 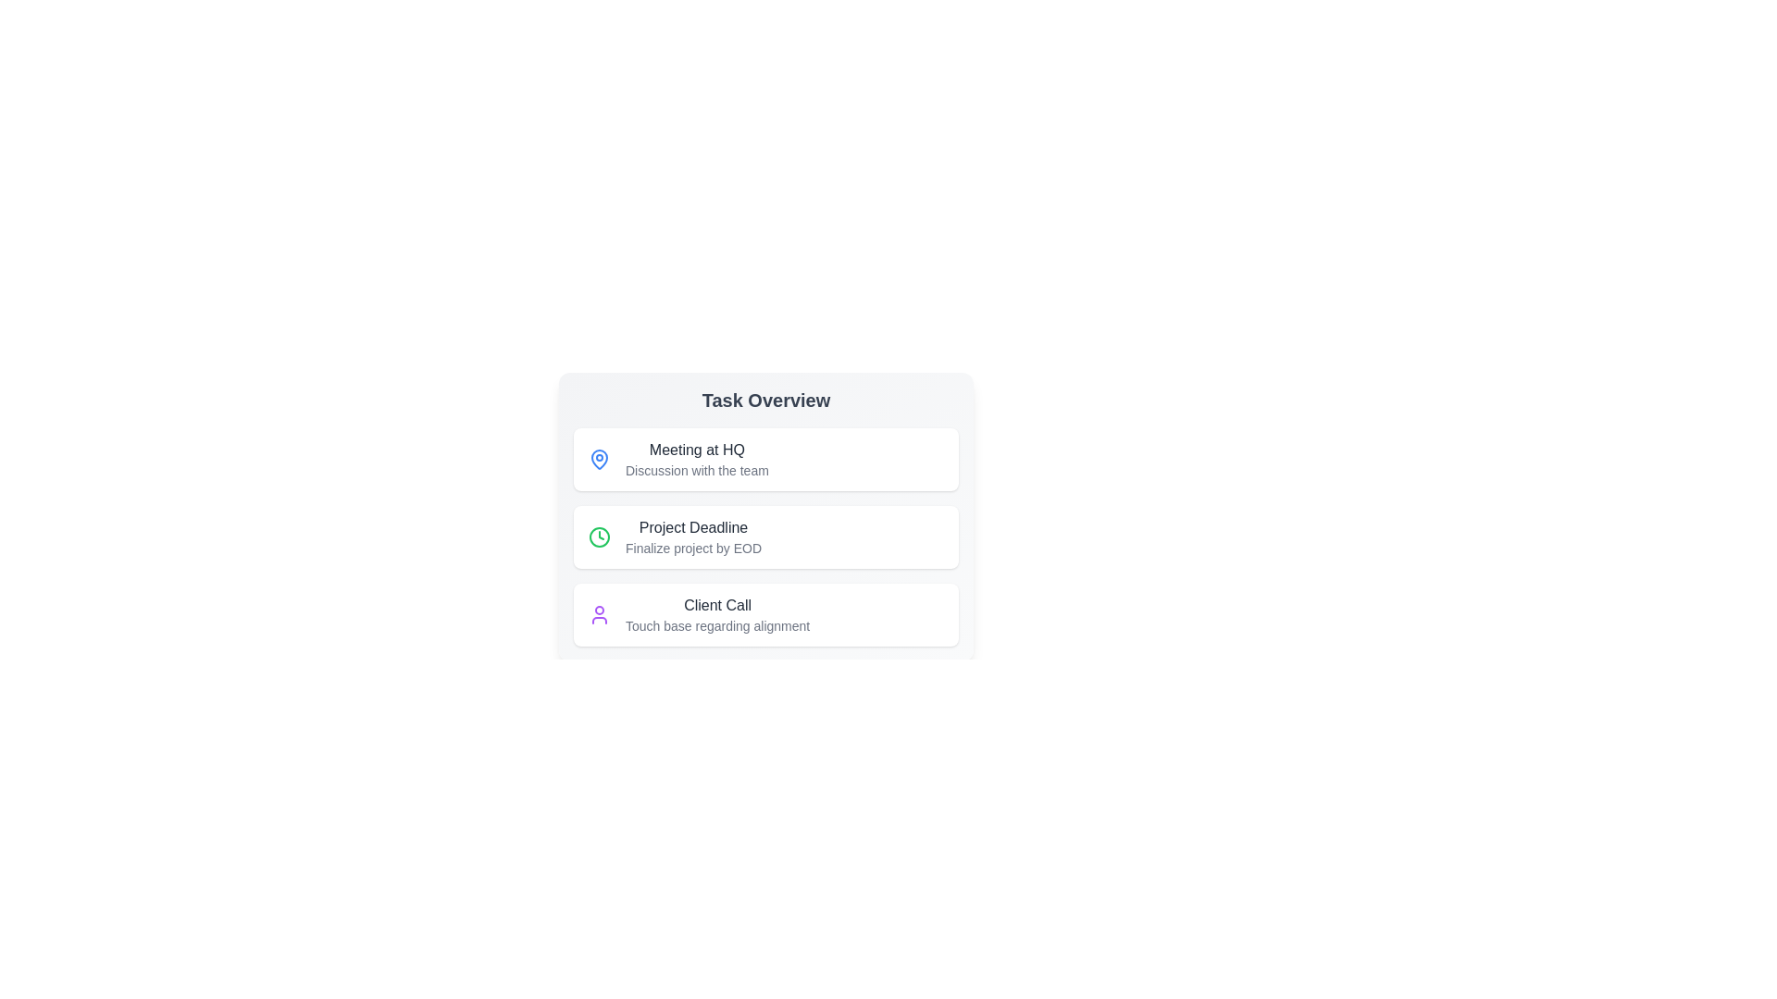 I want to click on the icon next to the list item Client Call to perform its associated action, so click(x=600, y=614).